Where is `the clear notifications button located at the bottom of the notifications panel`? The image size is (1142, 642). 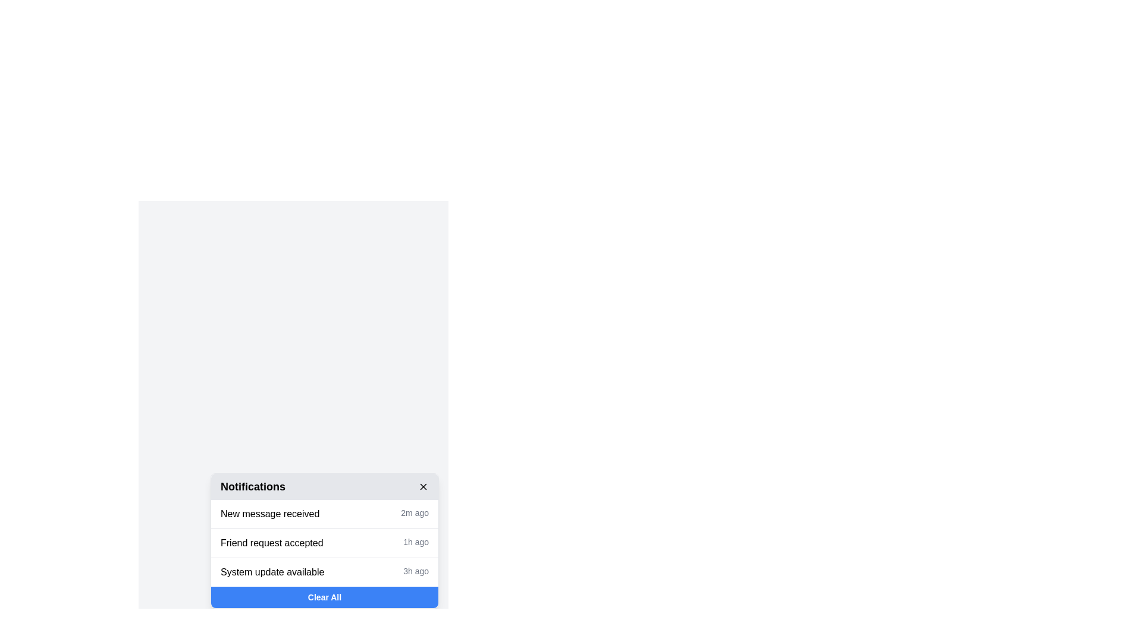
the clear notifications button located at the bottom of the notifications panel is located at coordinates (325, 597).